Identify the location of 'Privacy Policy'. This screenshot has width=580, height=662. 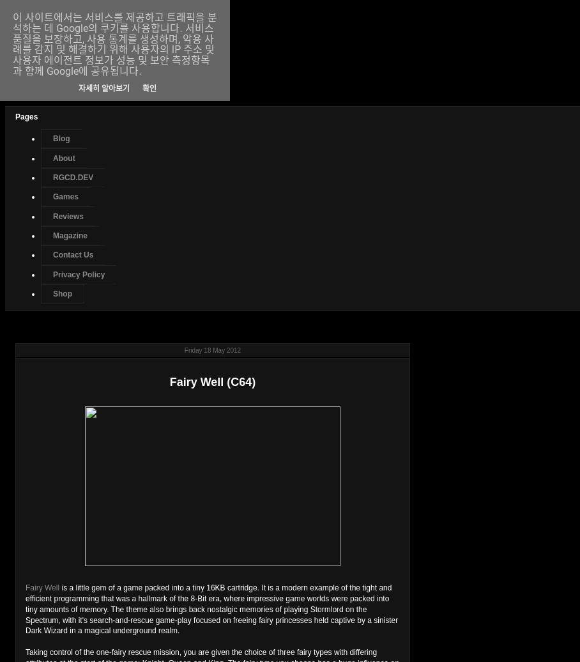
(79, 274).